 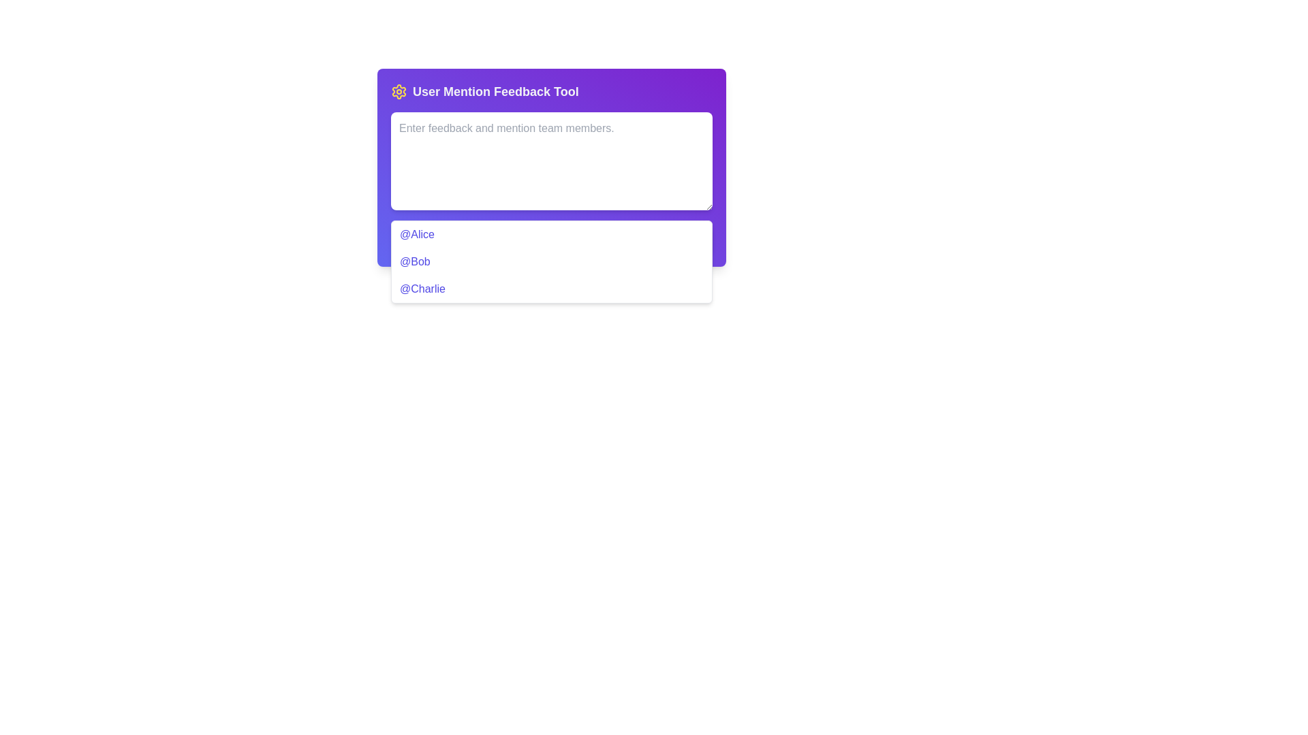 I want to click on the yellow circular gear icon with detailed inner cut patterns, so click(x=398, y=92).